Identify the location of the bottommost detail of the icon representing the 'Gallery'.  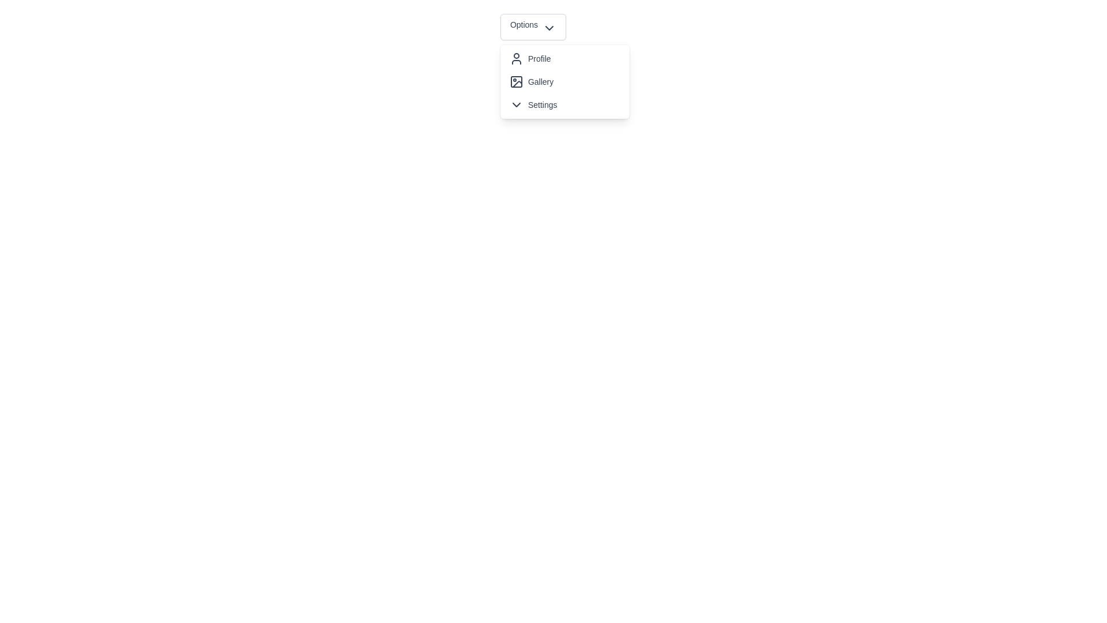
(517, 84).